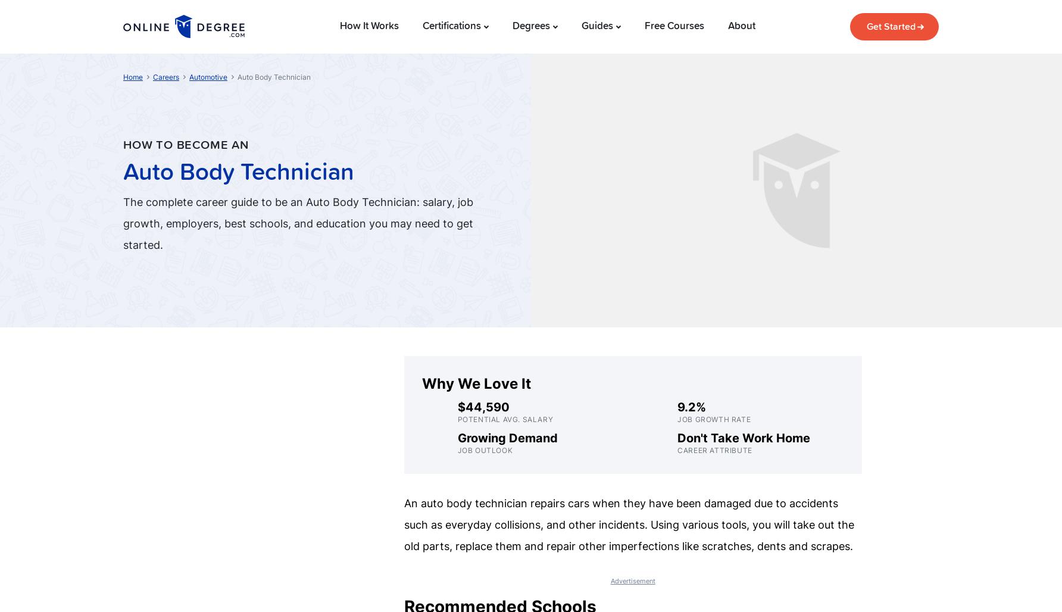 This screenshot has width=1062, height=612. What do you see at coordinates (833, 46) in the screenshot?
I see `'1%'` at bounding box center [833, 46].